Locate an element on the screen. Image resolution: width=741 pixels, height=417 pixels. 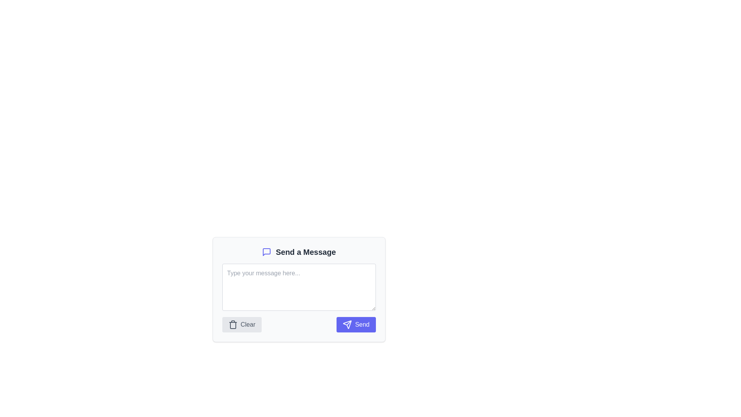
the 'Send' icon in the bottom-right corner of the chat input area is located at coordinates (347, 324).